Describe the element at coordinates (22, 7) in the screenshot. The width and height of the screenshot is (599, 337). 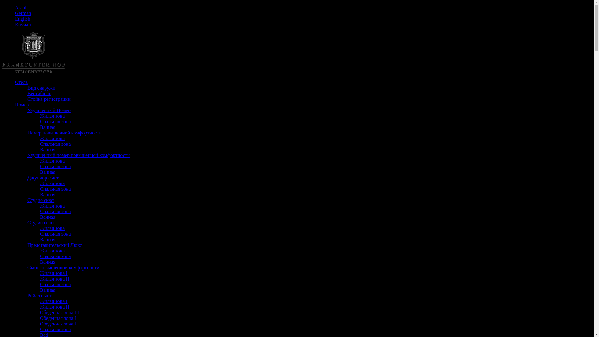
I see `'Arabic'` at that location.